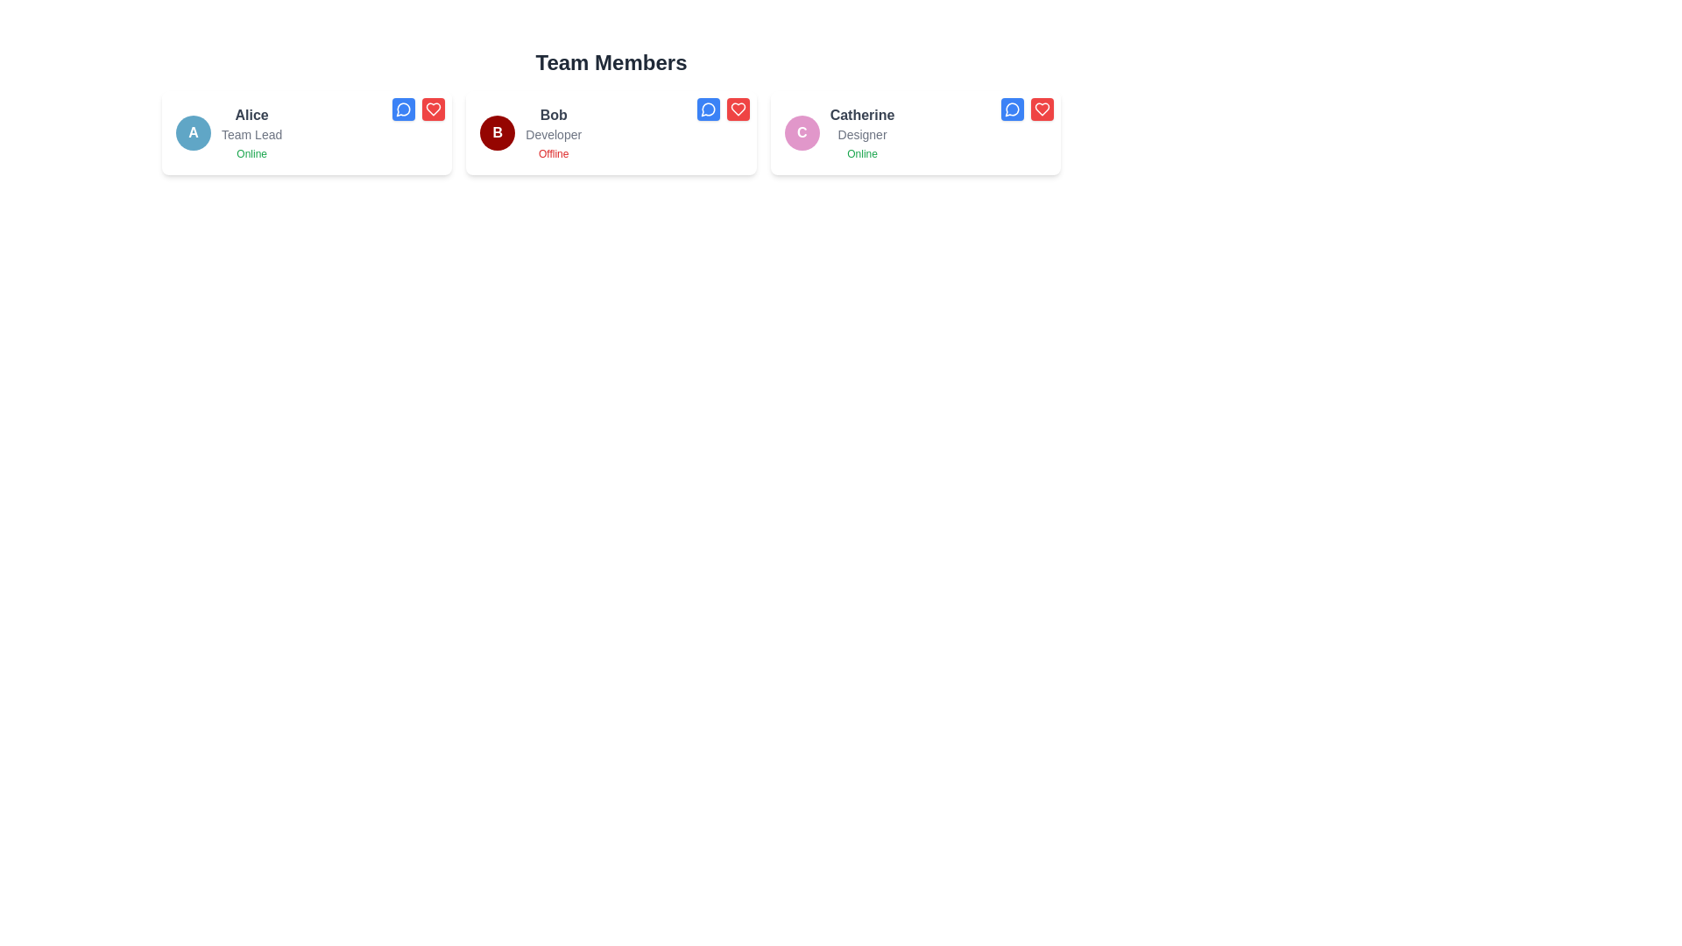 This screenshot has width=1682, height=946. Describe the element at coordinates (434, 109) in the screenshot. I see `the heart-shaped icon with an outline pattern located in the top center of Bob's card` at that location.